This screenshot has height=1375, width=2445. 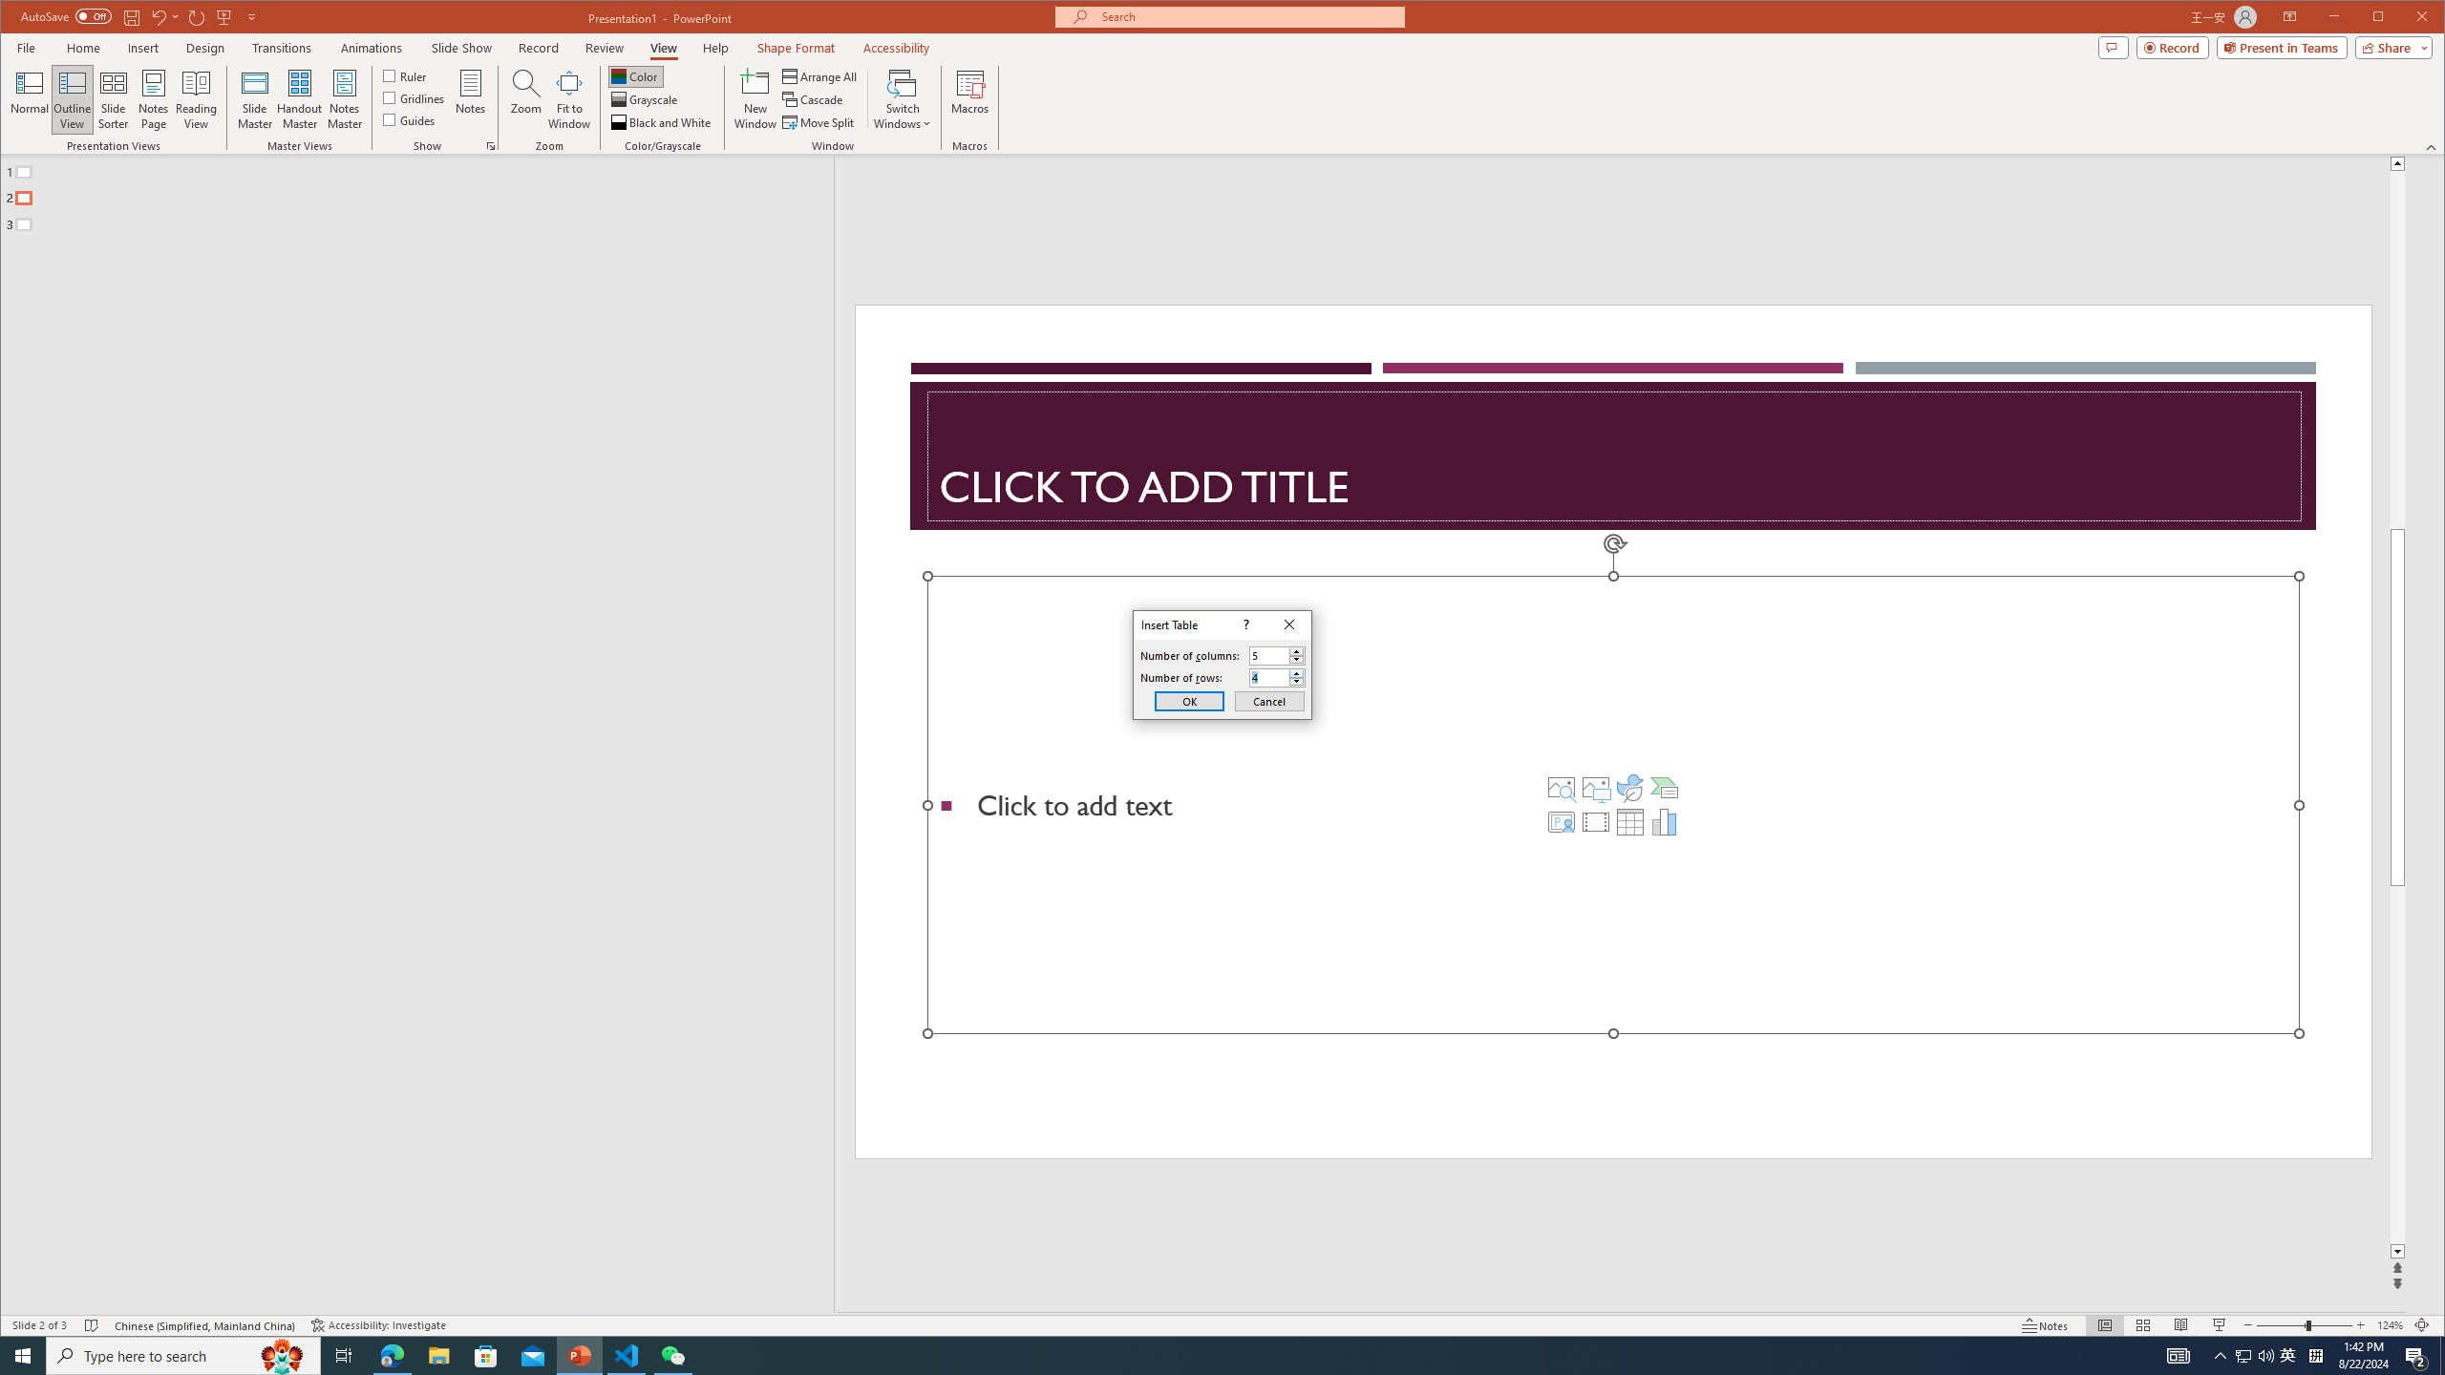 I want to click on 'Cancel', so click(x=1268, y=701).